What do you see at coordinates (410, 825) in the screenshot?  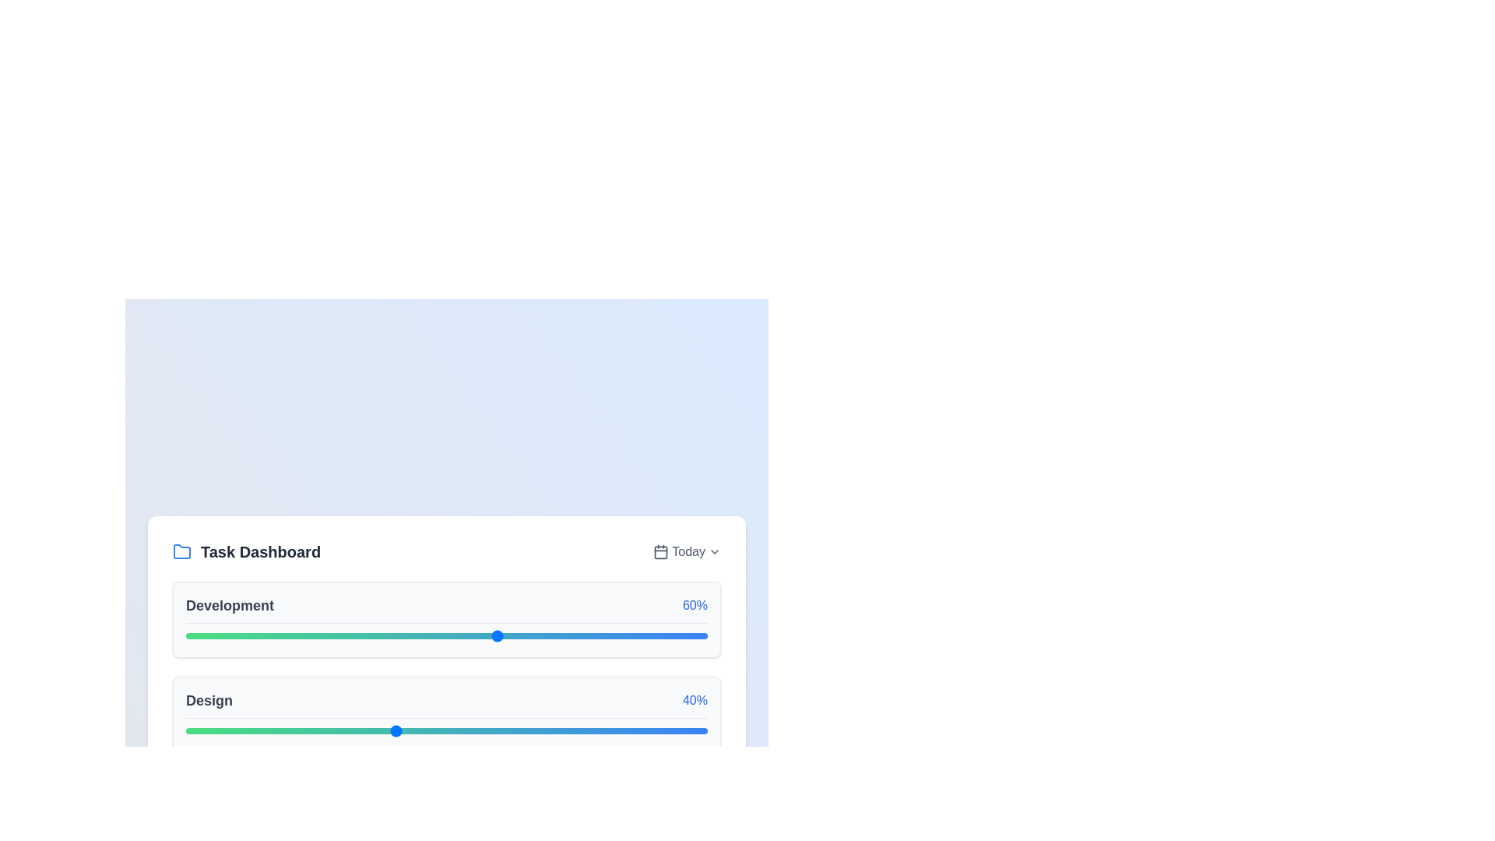 I see `the slider value` at bounding box center [410, 825].